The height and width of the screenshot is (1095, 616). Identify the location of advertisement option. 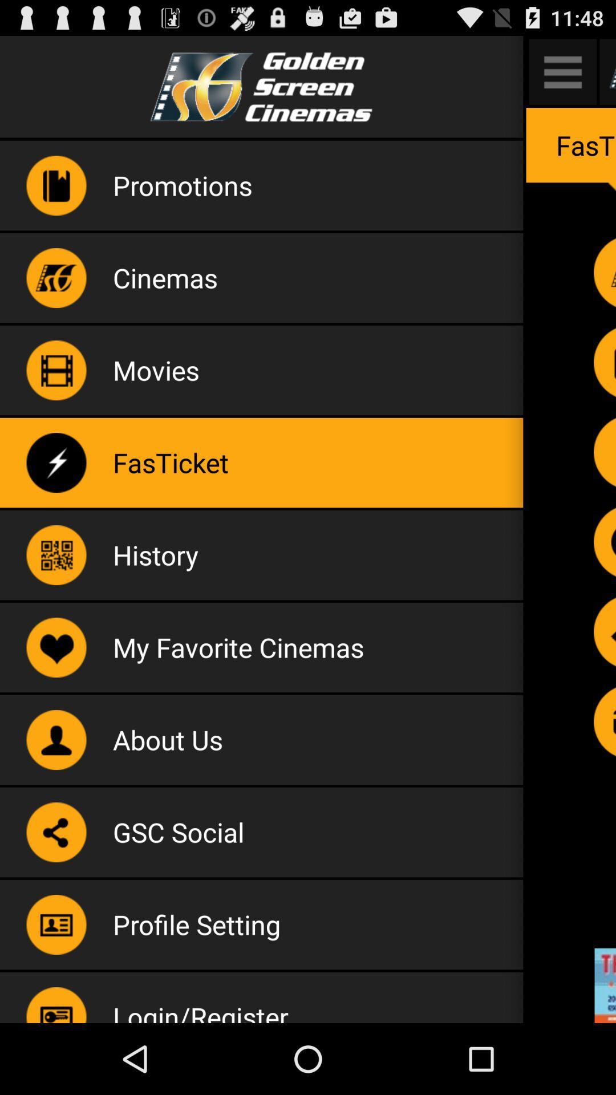
(605, 985).